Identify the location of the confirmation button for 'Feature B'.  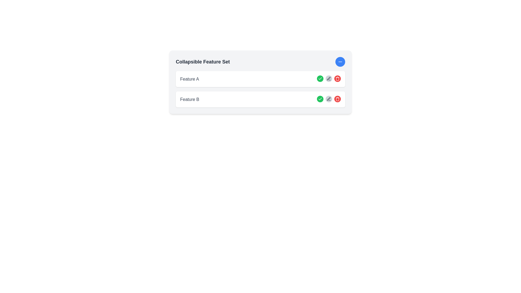
(320, 99).